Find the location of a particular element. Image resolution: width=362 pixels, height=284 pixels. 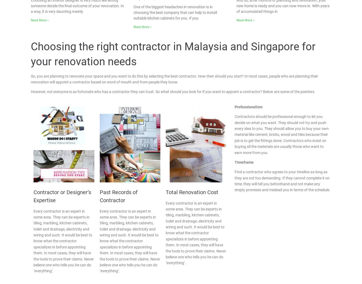

'However, not everyone is as fortunate who has a contractor they can trust. So what should you look for if you want to appoint a contractor? Below are some of the pointers.' is located at coordinates (173, 91).